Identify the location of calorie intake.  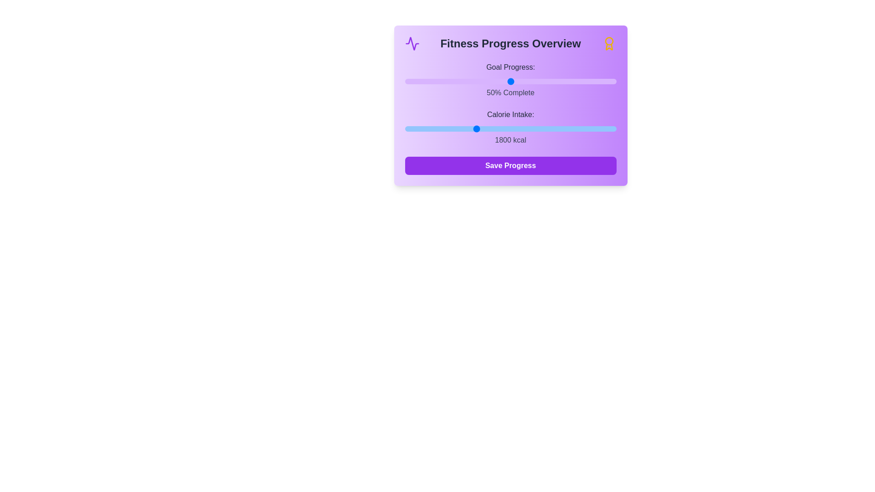
(500, 128).